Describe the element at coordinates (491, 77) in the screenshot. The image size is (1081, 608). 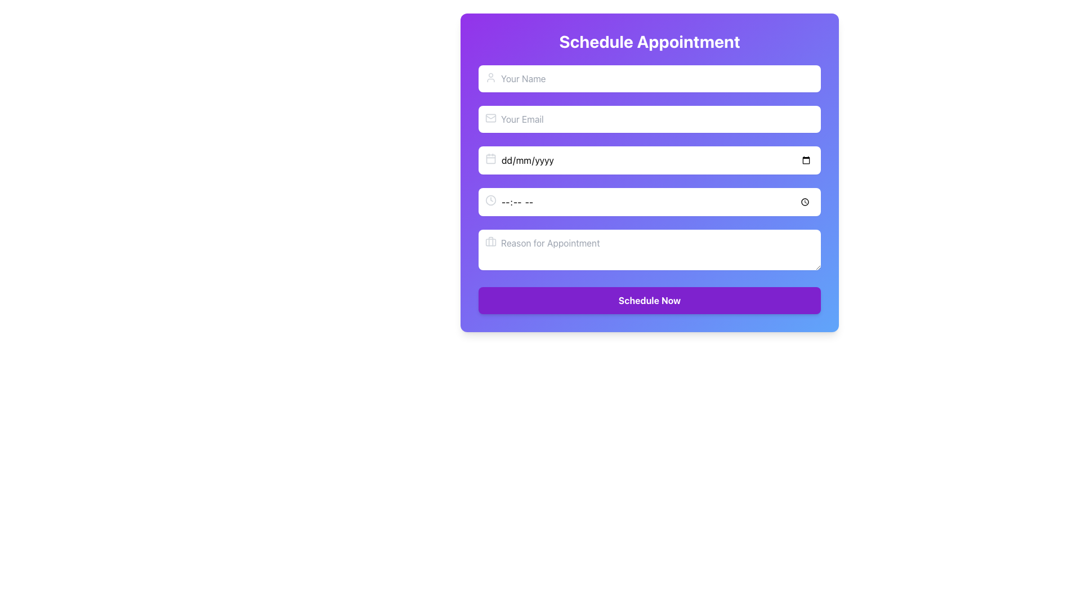
I see `the user profile icon located in the top-left corner of the 'Your Name' input field, which features a minimalistic gray design with a circular head and torso shape` at that location.